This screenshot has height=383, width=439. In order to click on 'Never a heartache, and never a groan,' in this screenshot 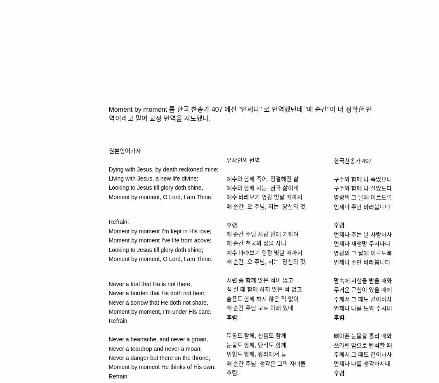, I will do `click(158, 339)`.